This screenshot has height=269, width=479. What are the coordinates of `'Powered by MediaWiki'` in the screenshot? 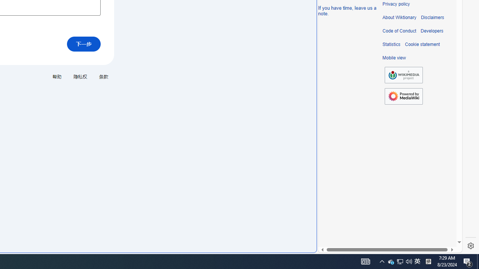 It's located at (403, 96).